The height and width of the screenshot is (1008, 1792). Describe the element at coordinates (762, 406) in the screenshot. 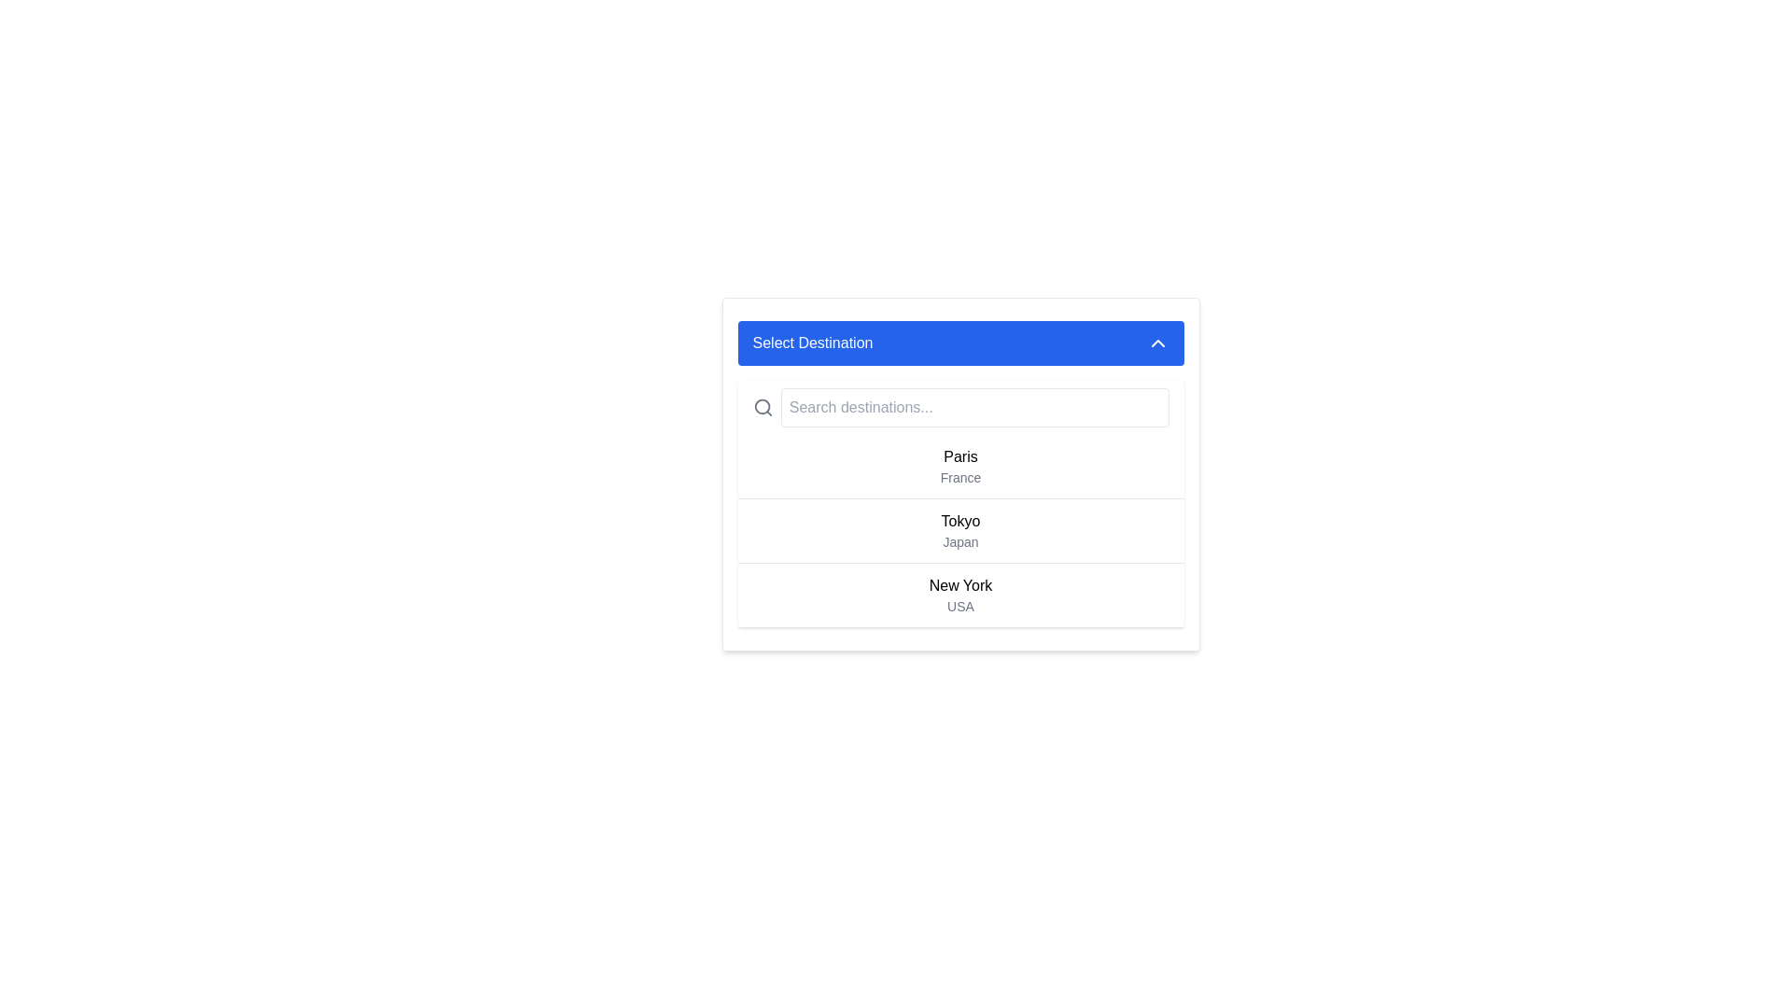

I see `the magnifying glass icon representing the search functionality, which is positioned to the left of the text input field in the dropdown interface` at that location.